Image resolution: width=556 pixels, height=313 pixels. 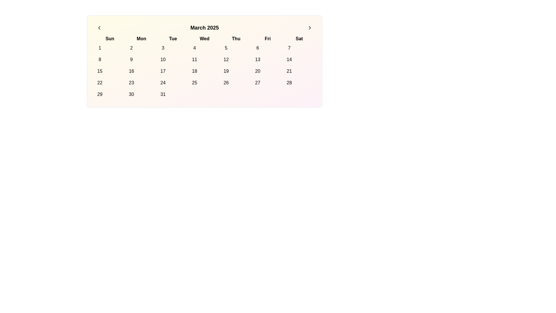 What do you see at coordinates (204, 28) in the screenshot?
I see `date displayed on the Text Label showing 'March 2025', which is centrally located in the navigation header of the calendar layout` at bounding box center [204, 28].